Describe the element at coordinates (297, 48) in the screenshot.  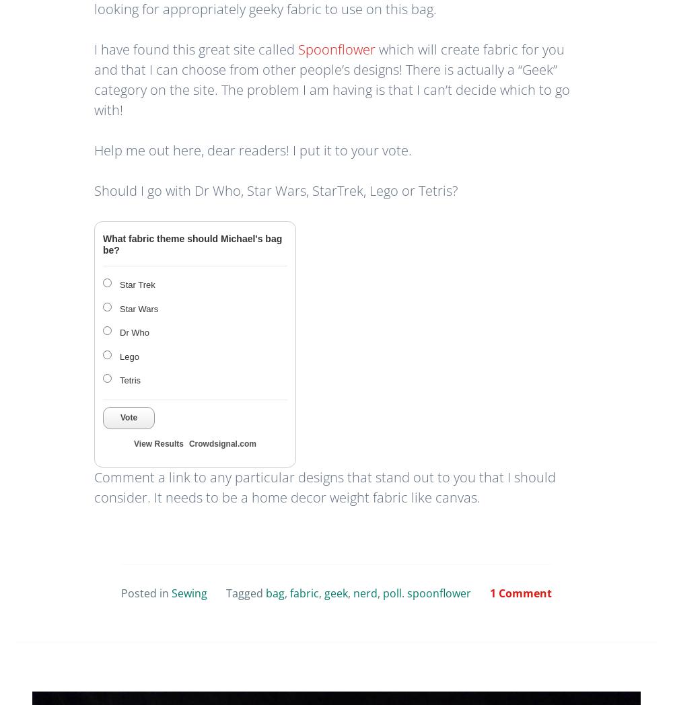
I see `'Spoonflower'` at that location.